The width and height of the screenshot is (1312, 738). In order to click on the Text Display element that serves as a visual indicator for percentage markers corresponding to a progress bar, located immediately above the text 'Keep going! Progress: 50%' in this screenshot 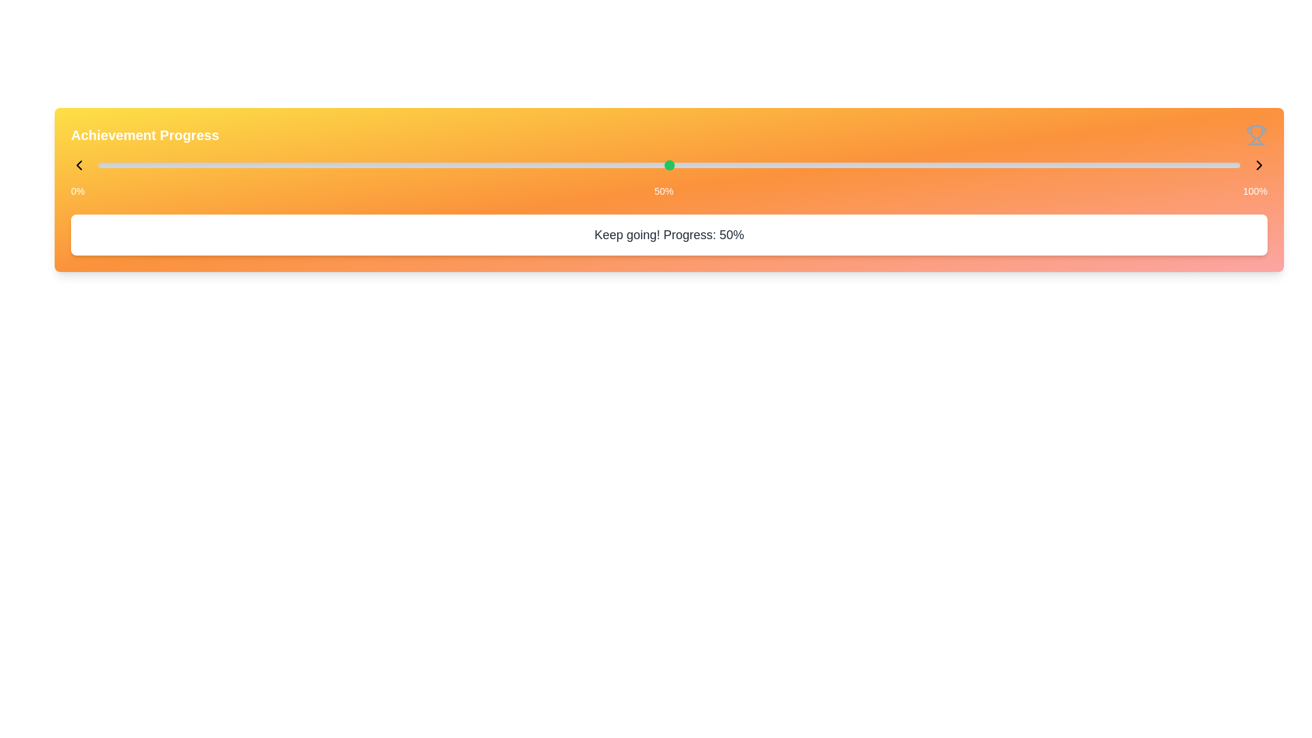, I will do `click(669, 191)`.